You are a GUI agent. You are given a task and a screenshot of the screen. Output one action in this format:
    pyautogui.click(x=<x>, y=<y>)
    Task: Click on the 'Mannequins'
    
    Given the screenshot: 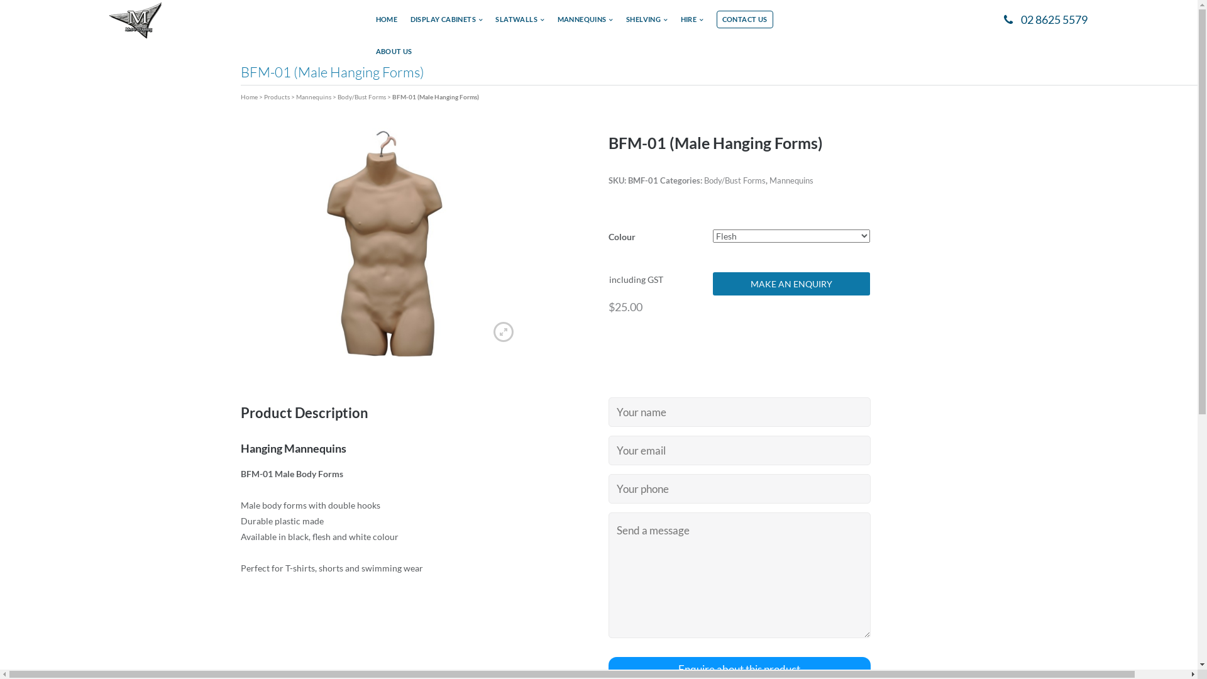 What is the action you would take?
    pyautogui.click(x=790, y=180)
    